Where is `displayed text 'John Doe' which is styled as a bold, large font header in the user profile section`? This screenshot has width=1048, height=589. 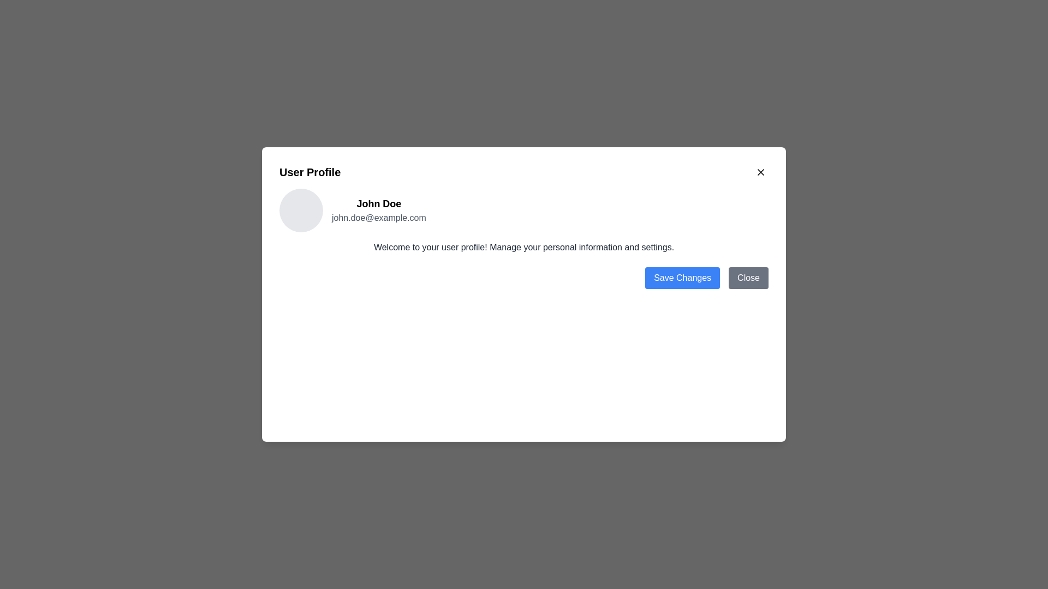 displayed text 'John Doe' which is styled as a bold, large font header in the user profile section is located at coordinates (379, 204).